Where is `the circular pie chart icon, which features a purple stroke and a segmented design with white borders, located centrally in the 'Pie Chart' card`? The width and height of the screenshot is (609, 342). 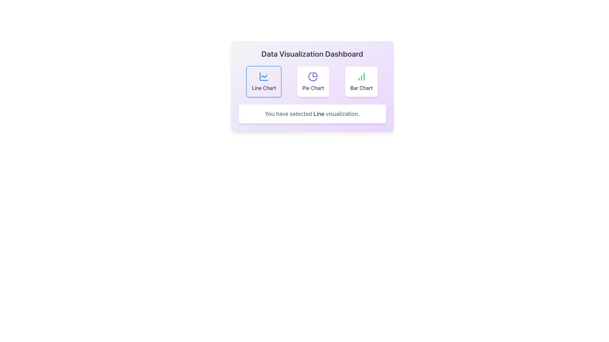
the circular pie chart icon, which features a purple stroke and a segmented design with white borders, located centrally in the 'Pie Chart' card is located at coordinates (313, 76).